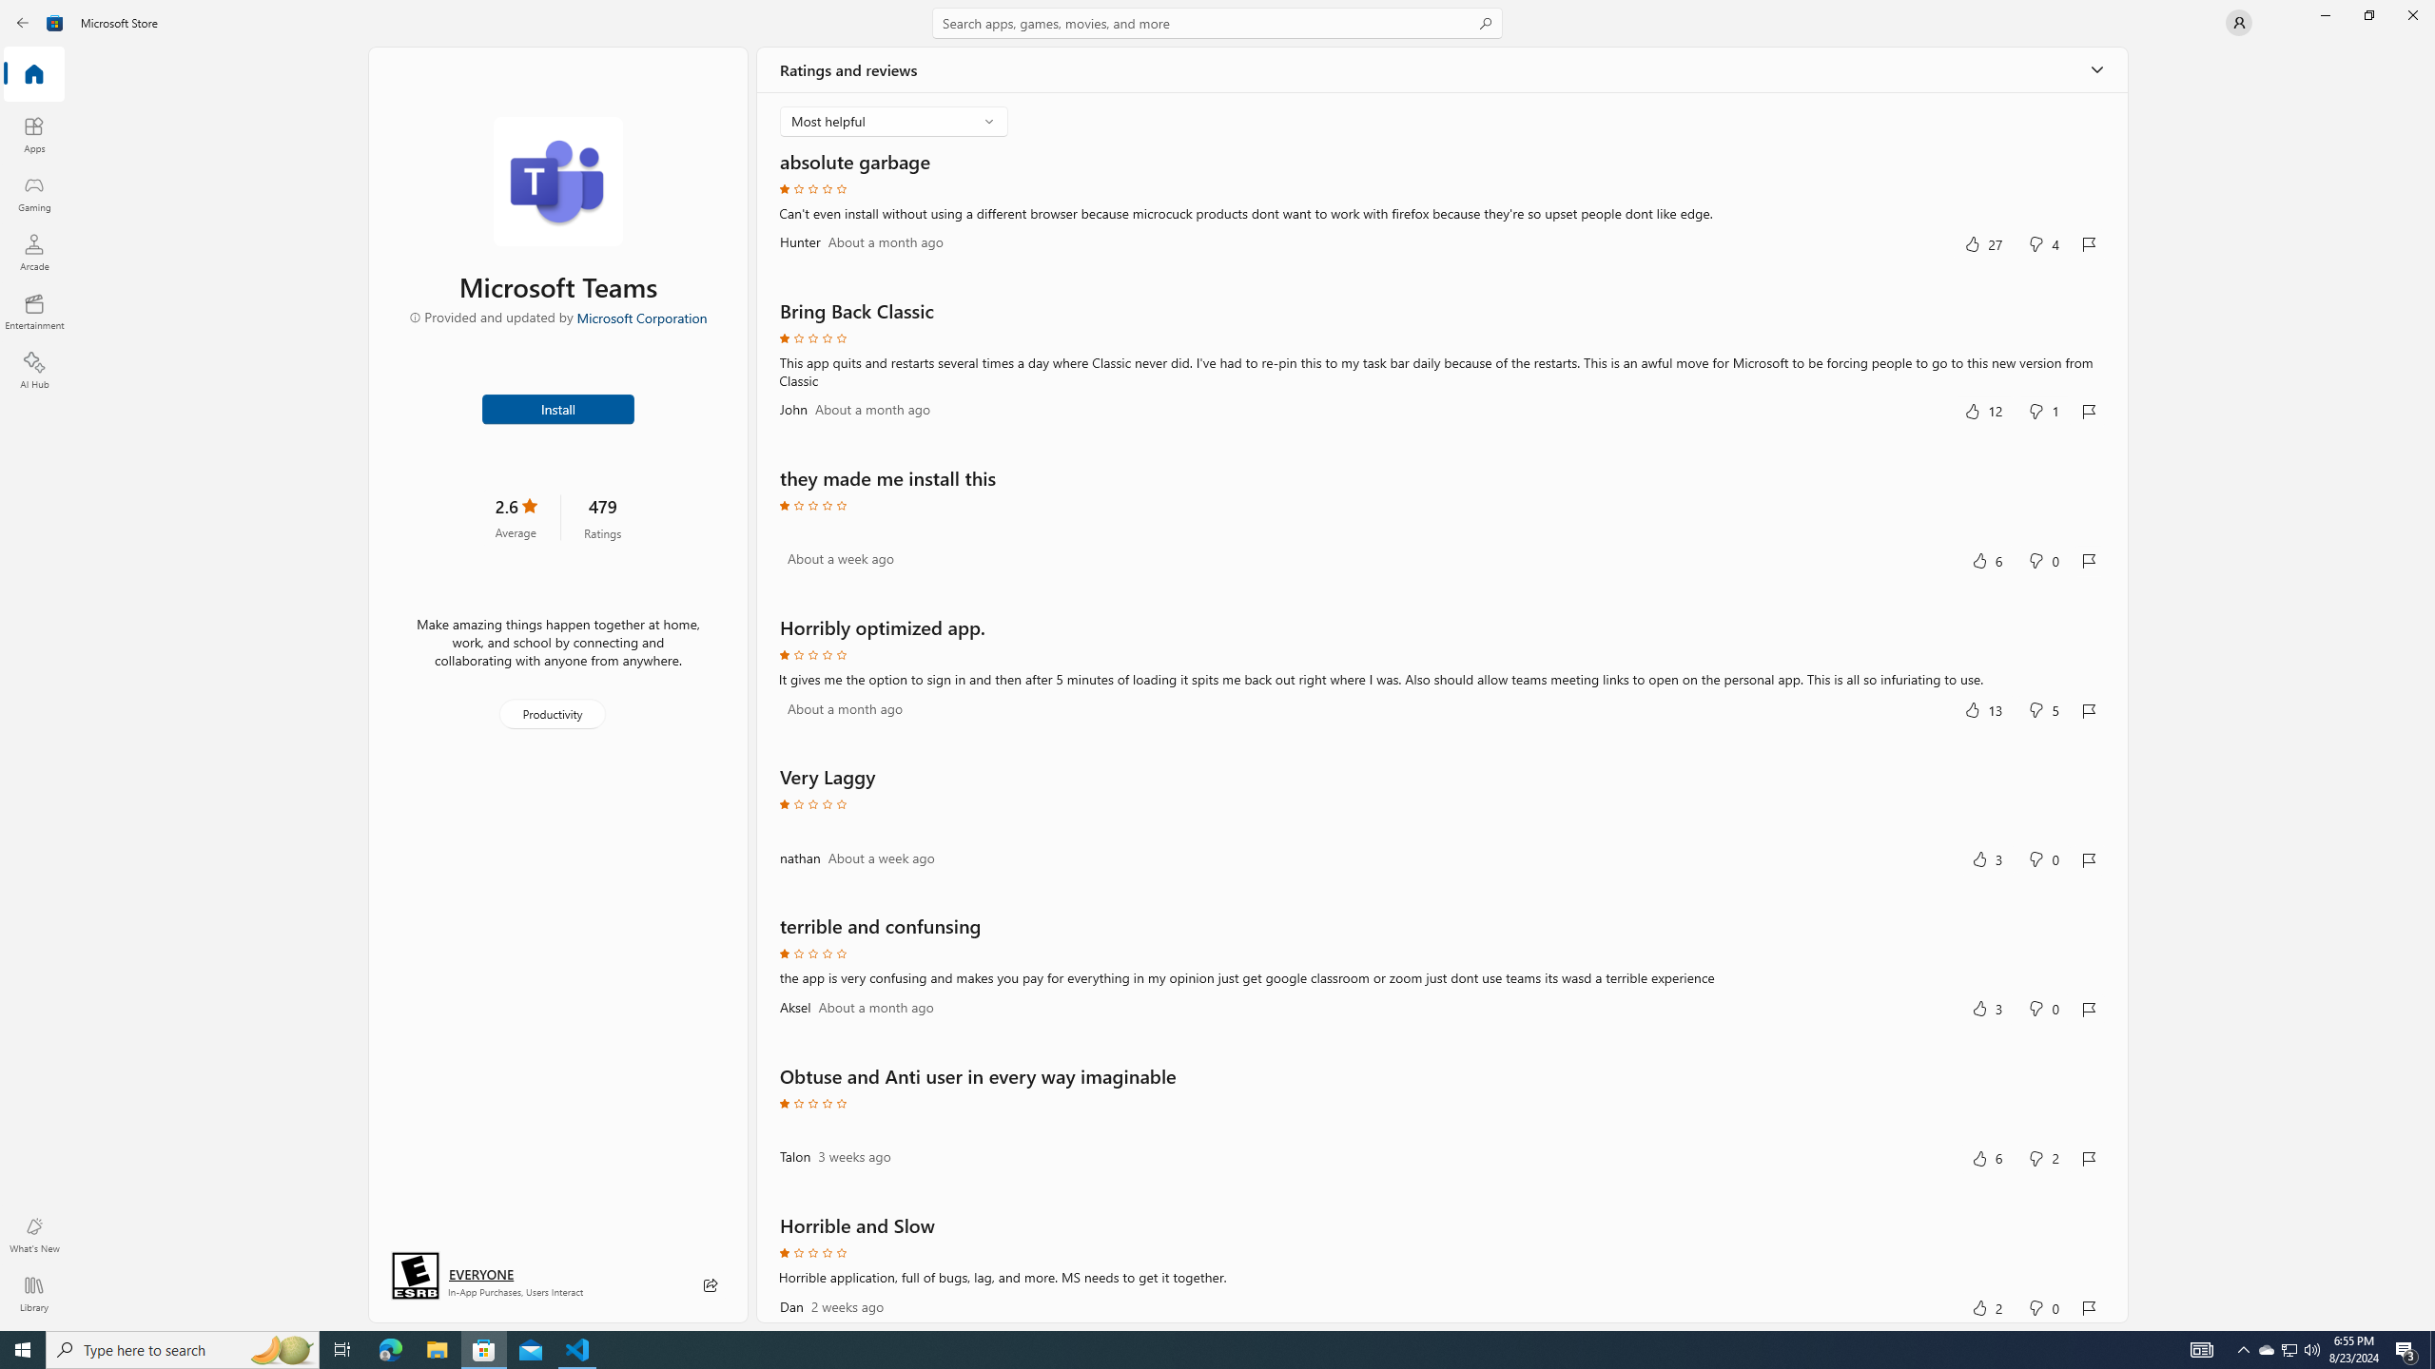 This screenshot has width=2435, height=1369. What do you see at coordinates (1982, 243) in the screenshot?
I see `'Yes, this was helpful. 27 votes.'` at bounding box center [1982, 243].